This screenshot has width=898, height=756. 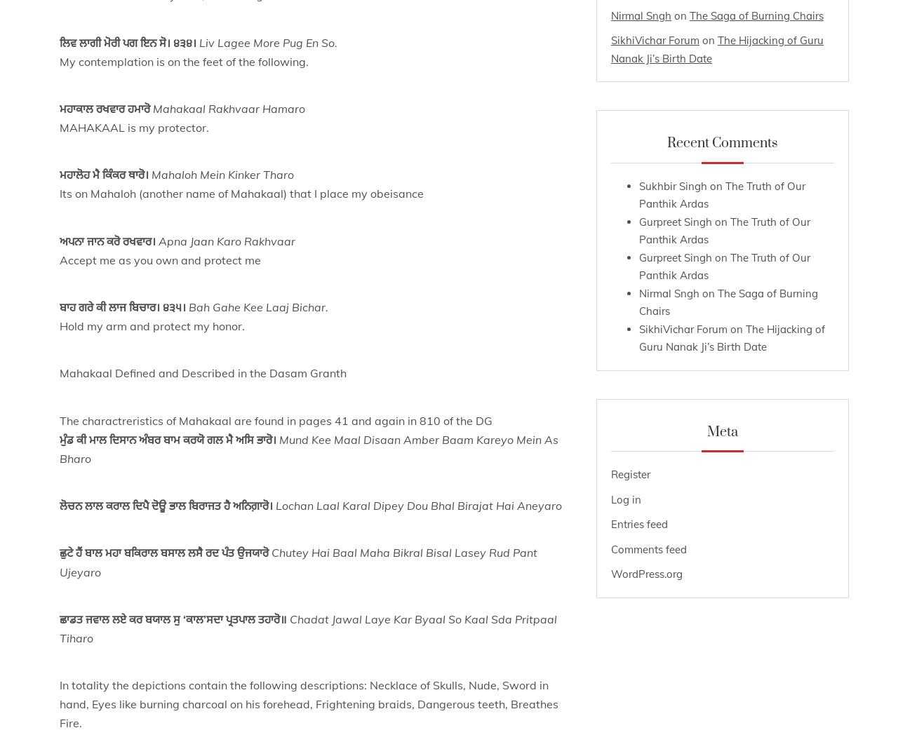 I want to click on 'Comments feed', so click(x=648, y=548).